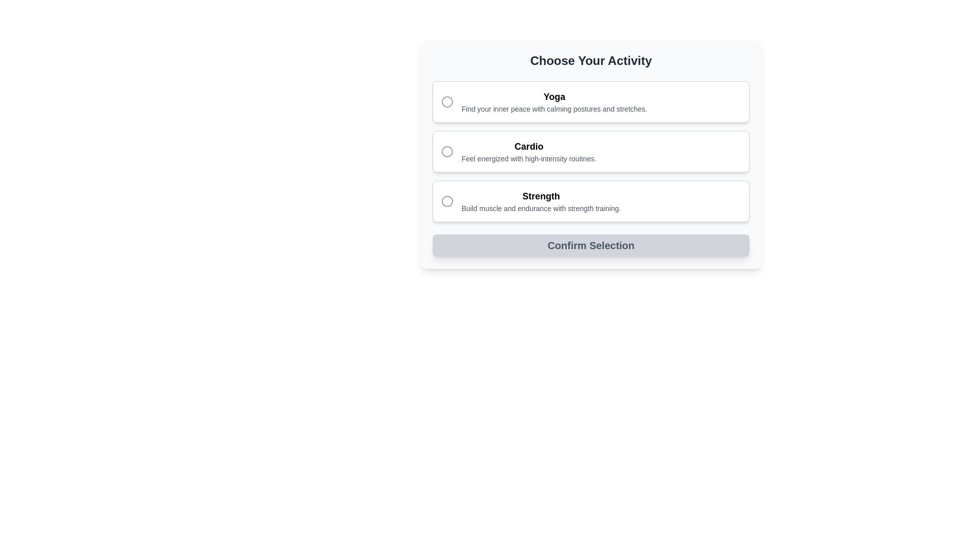  What do you see at coordinates (447, 101) in the screenshot?
I see `the Checkbox or selection indicator located adjacent to the text 'Yoga' in the vertical list of selectable options` at bounding box center [447, 101].